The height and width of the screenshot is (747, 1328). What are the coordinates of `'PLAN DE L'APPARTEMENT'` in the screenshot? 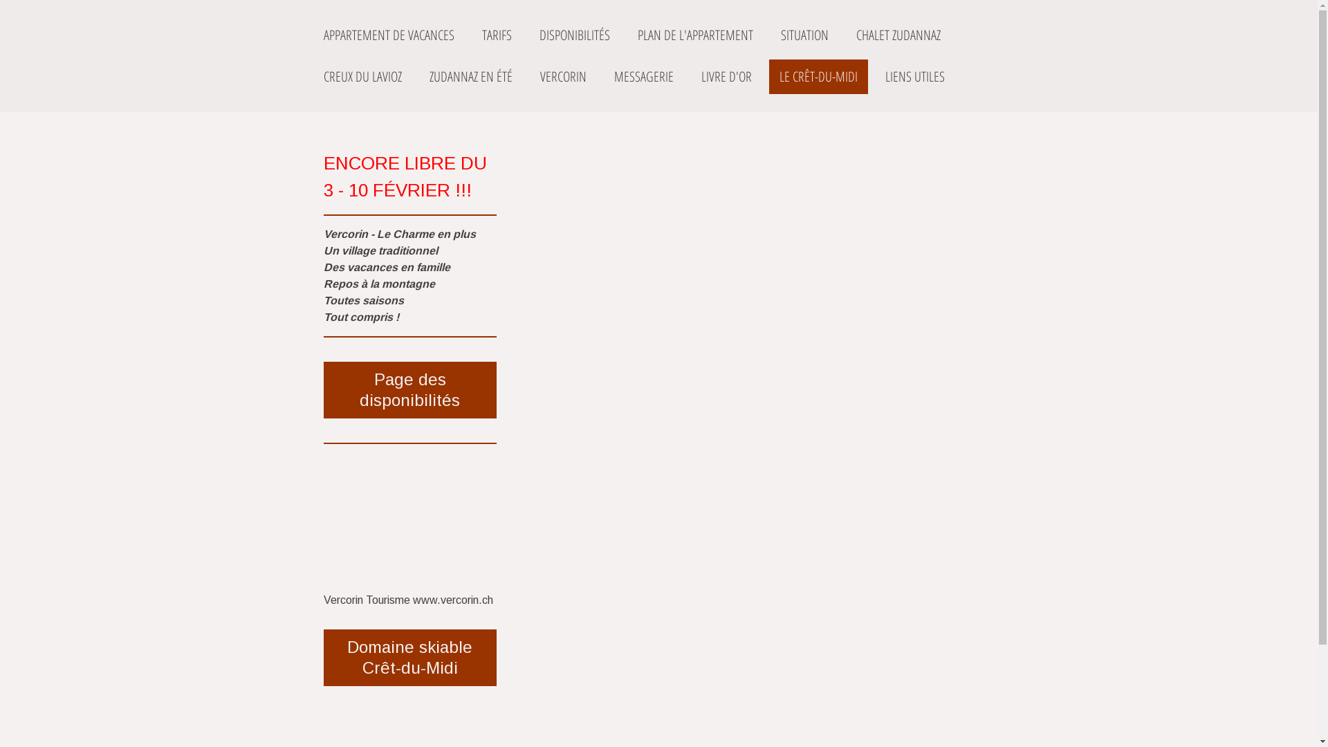 It's located at (626, 34).